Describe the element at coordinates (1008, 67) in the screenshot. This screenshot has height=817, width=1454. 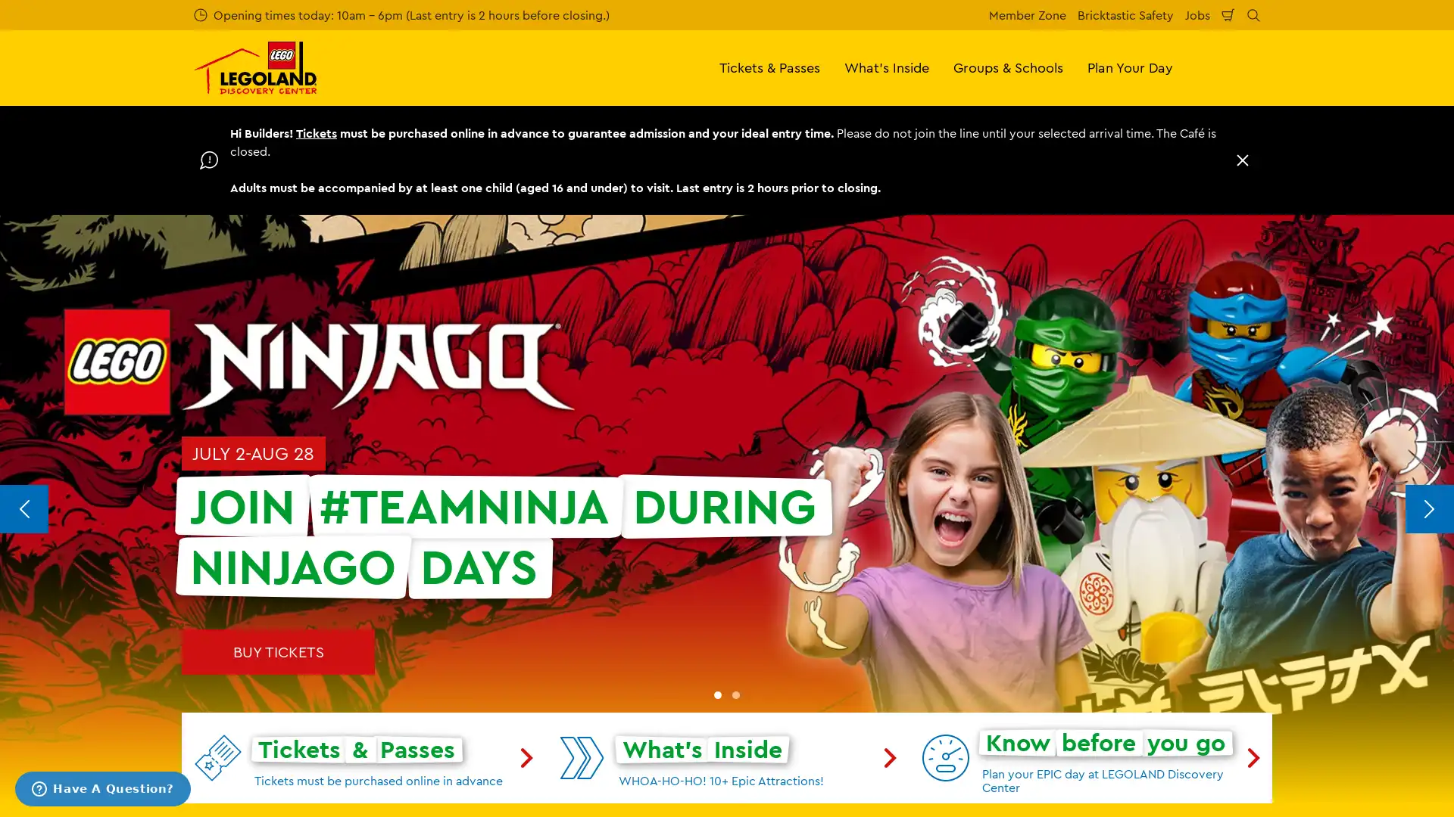
I see `Groups & Schools` at that location.